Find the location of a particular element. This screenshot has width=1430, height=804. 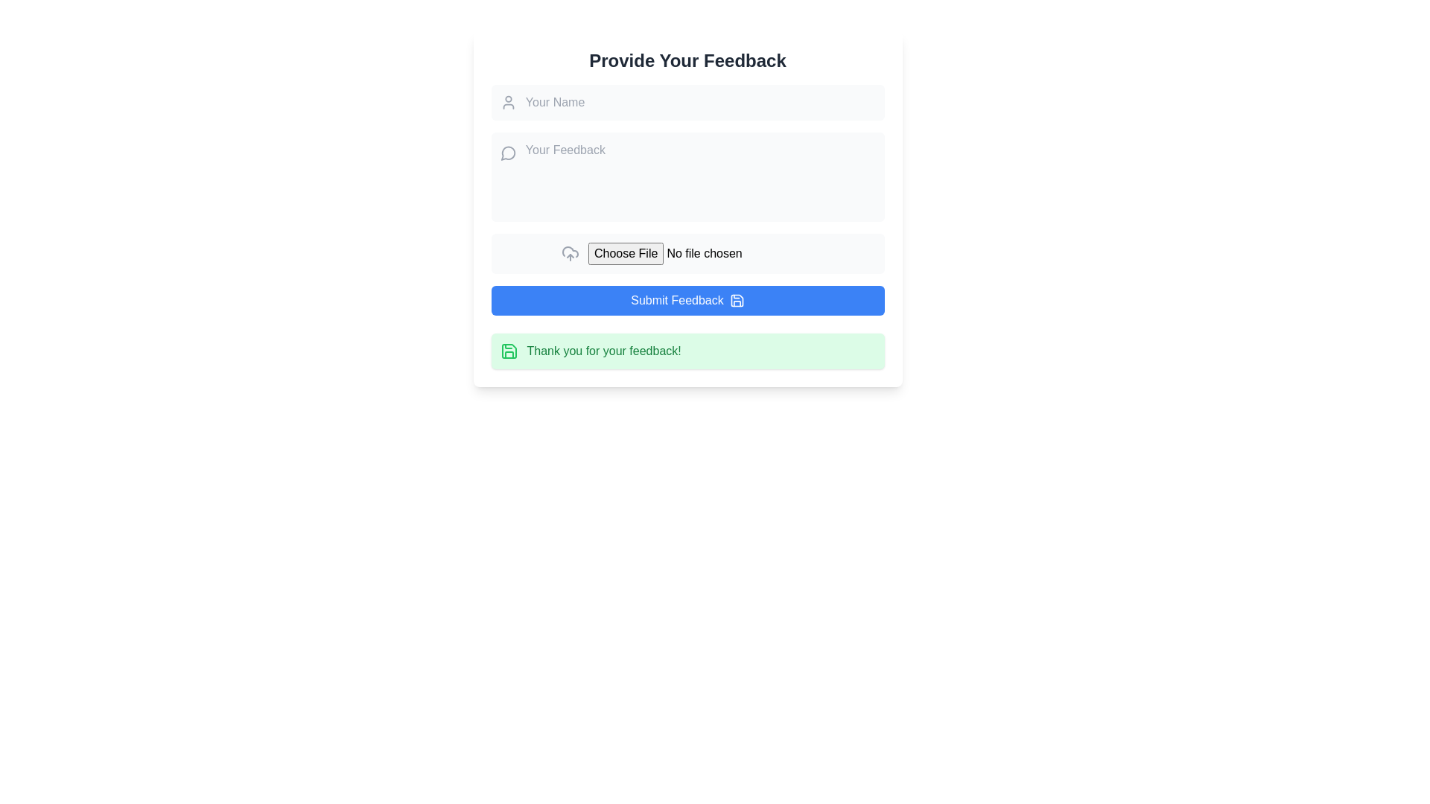

the Informational Banner located below the 'Submit Feedback' button in the 'Provide Your Feedback' section is located at coordinates (687, 351).